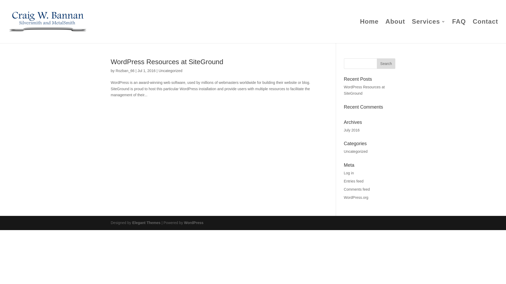 Image resolution: width=506 pixels, height=284 pixels. I want to click on 'FAQ', so click(459, 31).